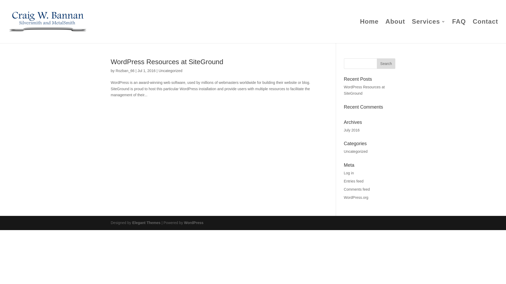 Image resolution: width=506 pixels, height=284 pixels. I want to click on 'FAQ', so click(459, 31).